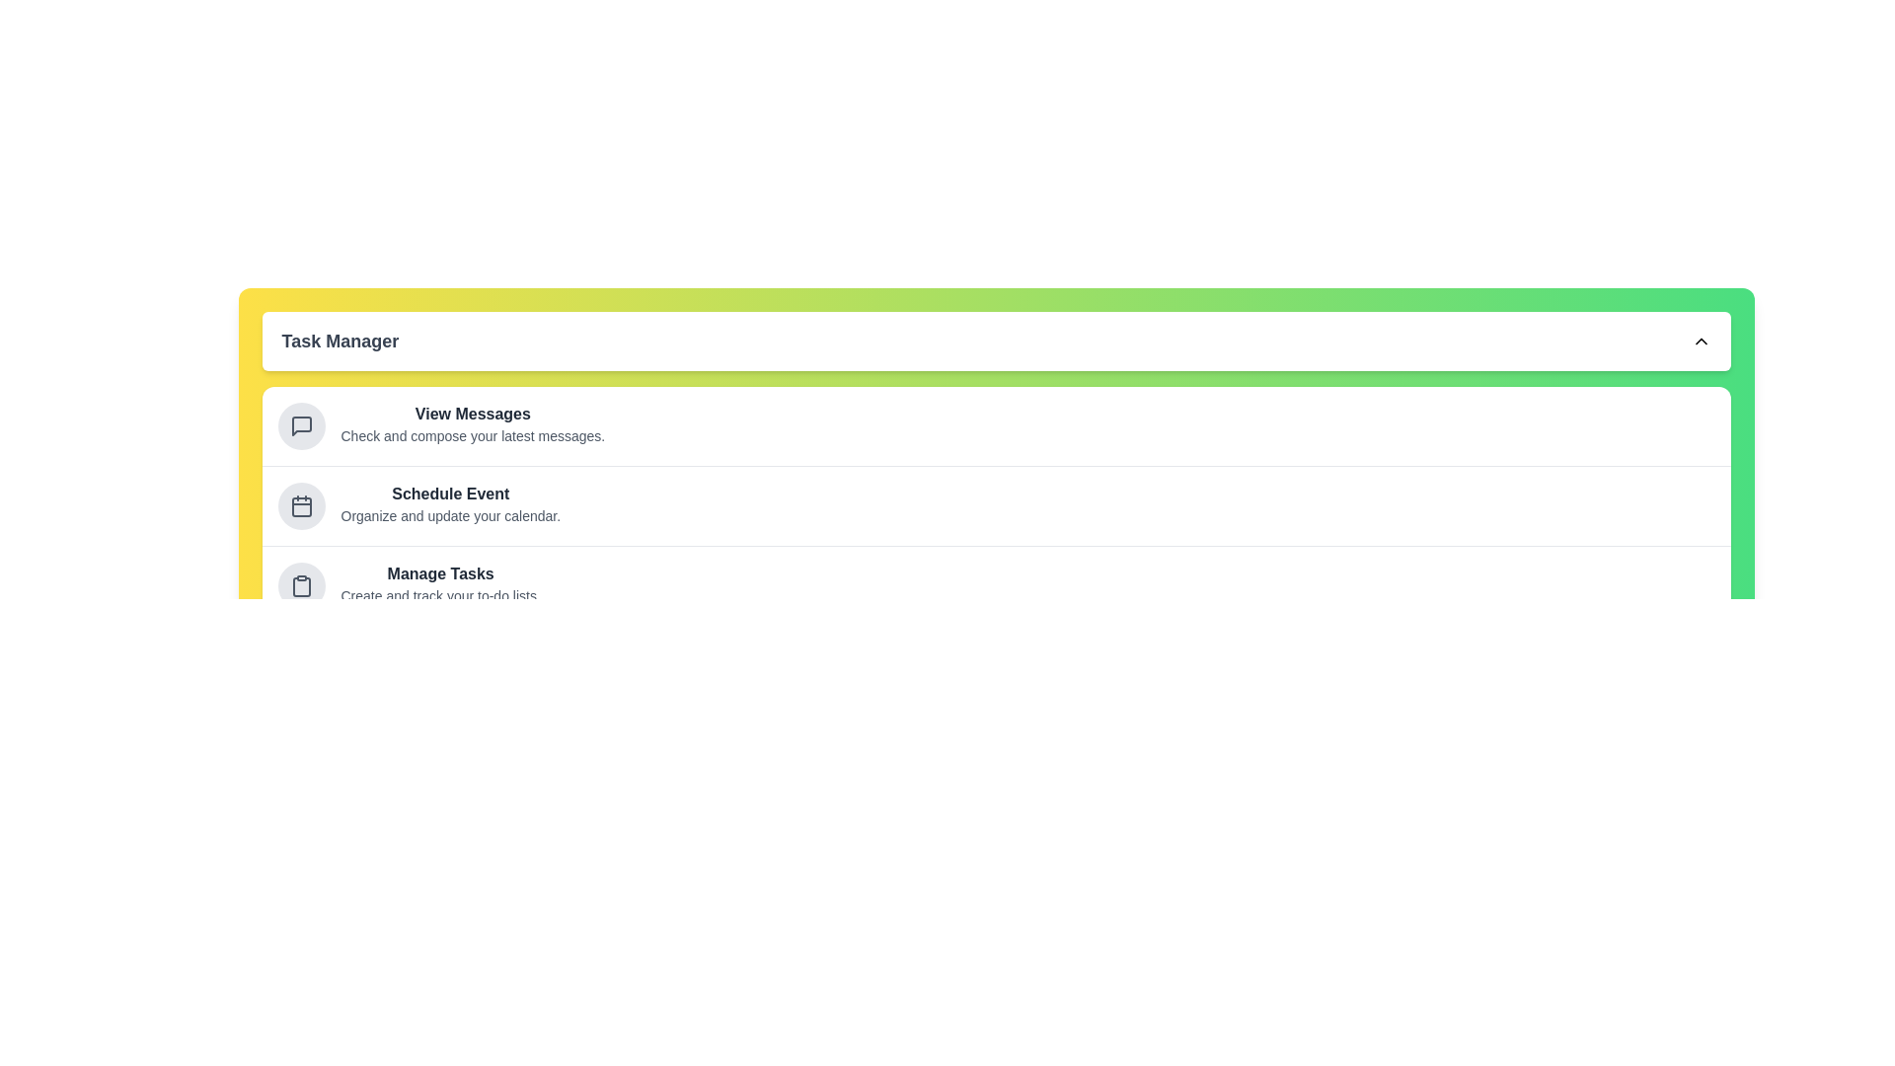 The width and height of the screenshot is (1895, 1066). What do you see at coordinates (300, 505) in the screenshot?
I see `the task item Schedule Event` at bounding box center [300, 505].